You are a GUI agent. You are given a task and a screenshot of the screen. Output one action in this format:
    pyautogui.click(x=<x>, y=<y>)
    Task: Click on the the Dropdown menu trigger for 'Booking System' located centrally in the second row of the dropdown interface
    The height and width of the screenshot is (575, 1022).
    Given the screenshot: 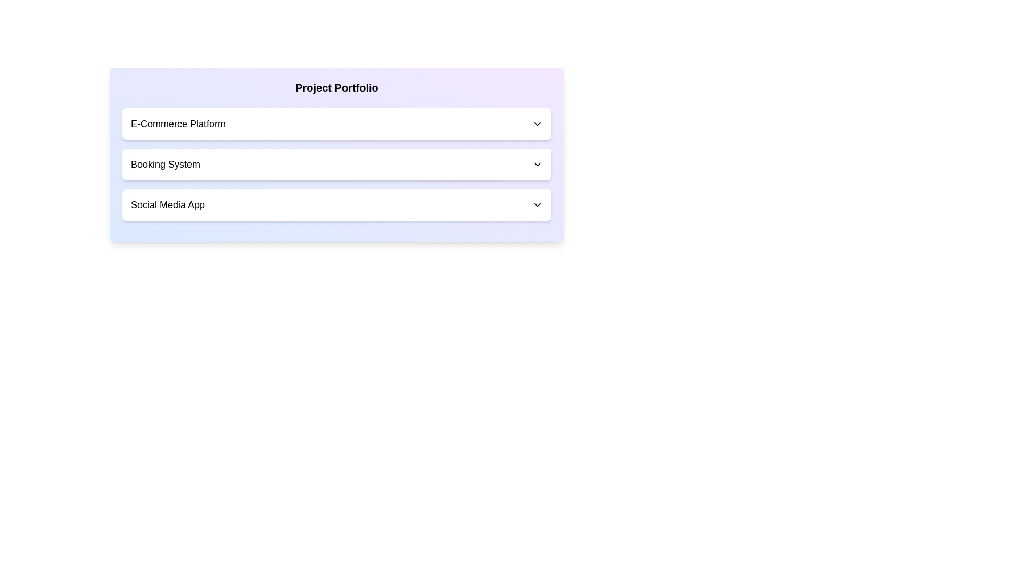 What is the action you would take?
    pyautogui.click(x=336, y=164)
    